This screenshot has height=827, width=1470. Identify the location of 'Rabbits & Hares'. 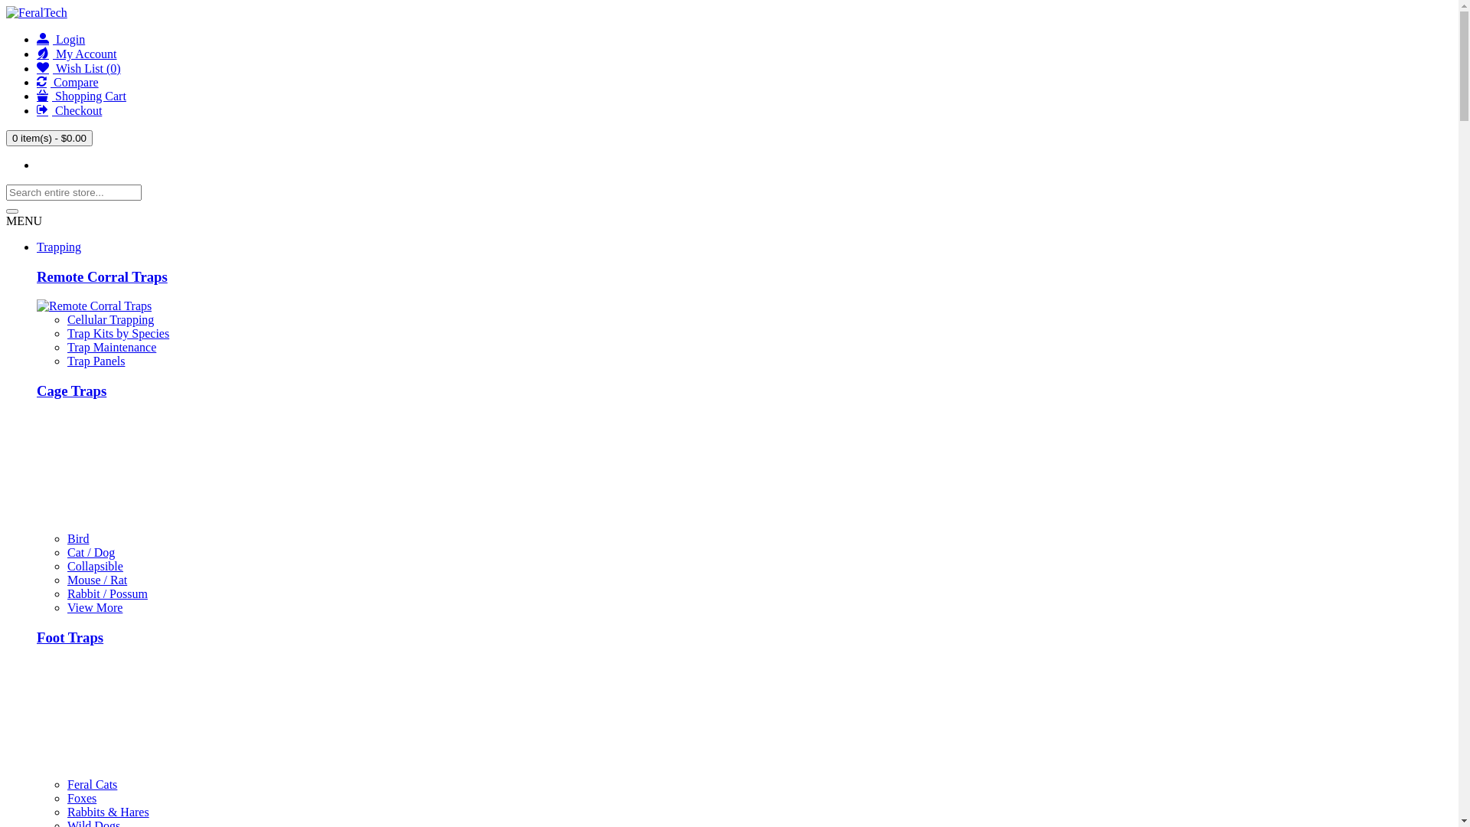
(107, 811).